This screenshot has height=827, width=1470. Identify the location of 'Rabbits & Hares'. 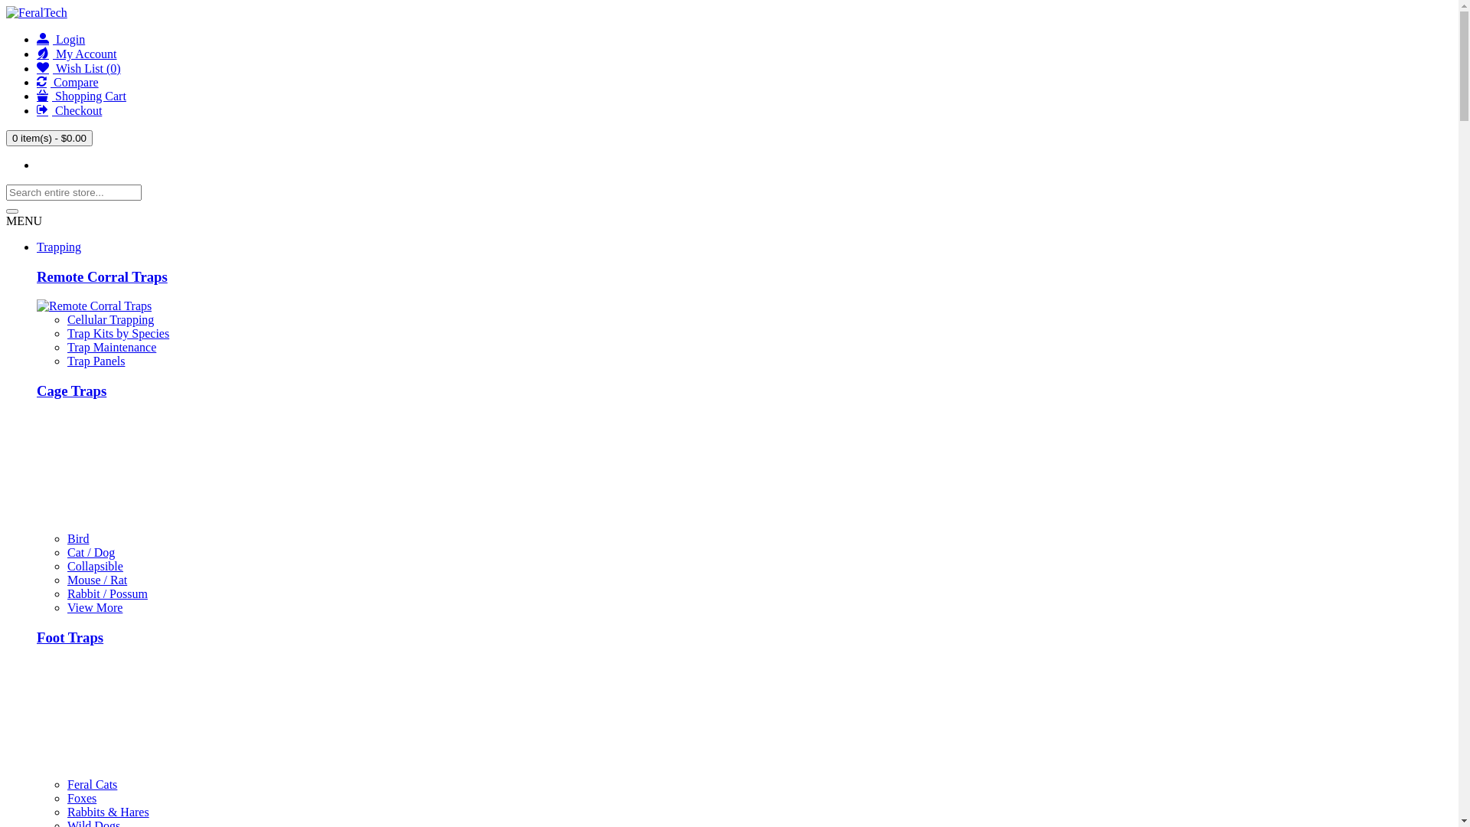
(107, 811).